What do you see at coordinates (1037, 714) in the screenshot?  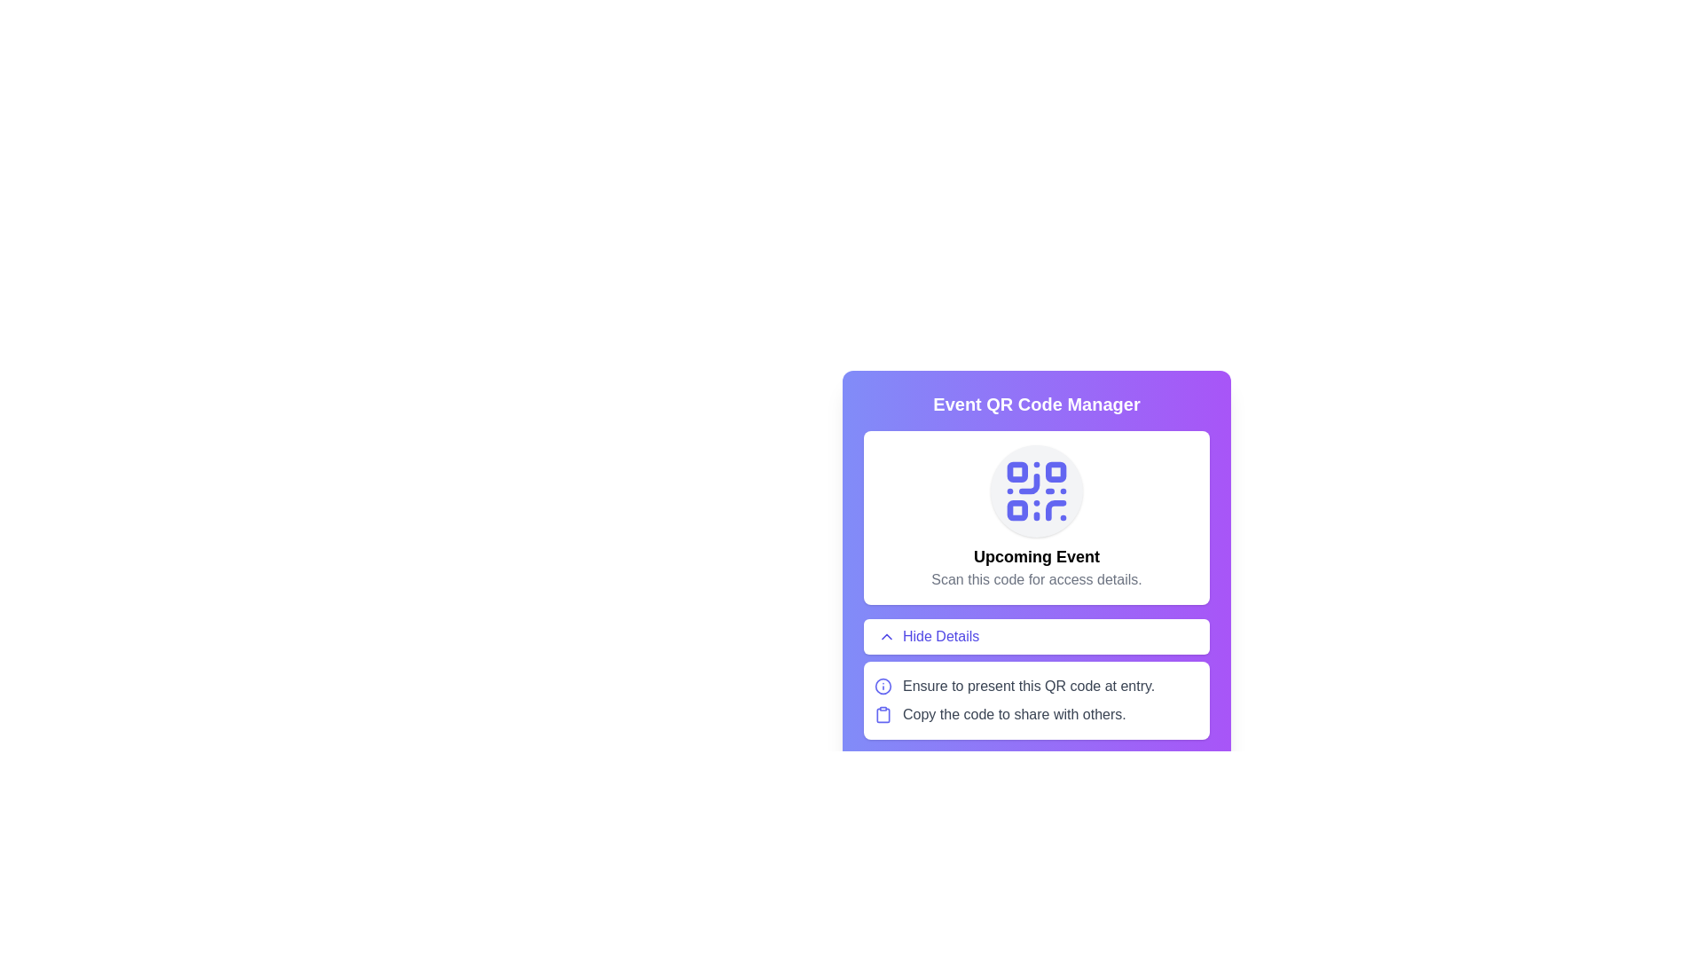 I see `the second item in the vertical list of the Informational section, which provides user instructions related to sharing a code` at bounding box center [1037, 714].